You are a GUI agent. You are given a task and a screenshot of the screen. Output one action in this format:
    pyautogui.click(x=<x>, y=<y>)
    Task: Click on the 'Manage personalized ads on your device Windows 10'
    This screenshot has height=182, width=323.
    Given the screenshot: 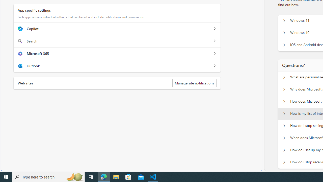 What is the action you would take?
    pyautogui.click(x=284, y=33)
    